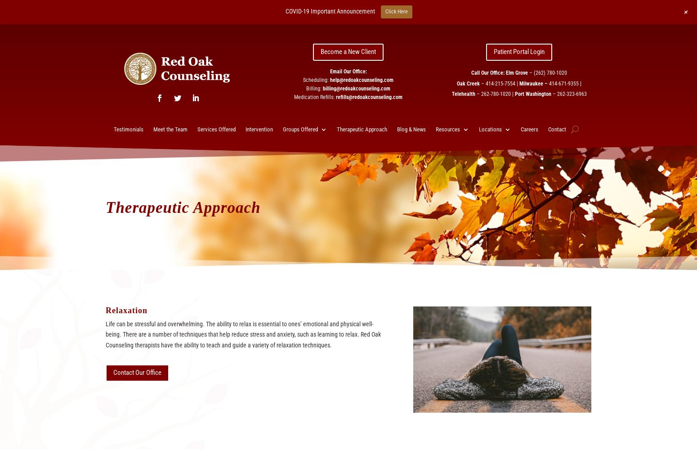 The image size is (697, 450). What do you see at coordinates (497, 94) in the screenshot?
I see `'262-780-1020 |'` at bounding box center [497, 94].